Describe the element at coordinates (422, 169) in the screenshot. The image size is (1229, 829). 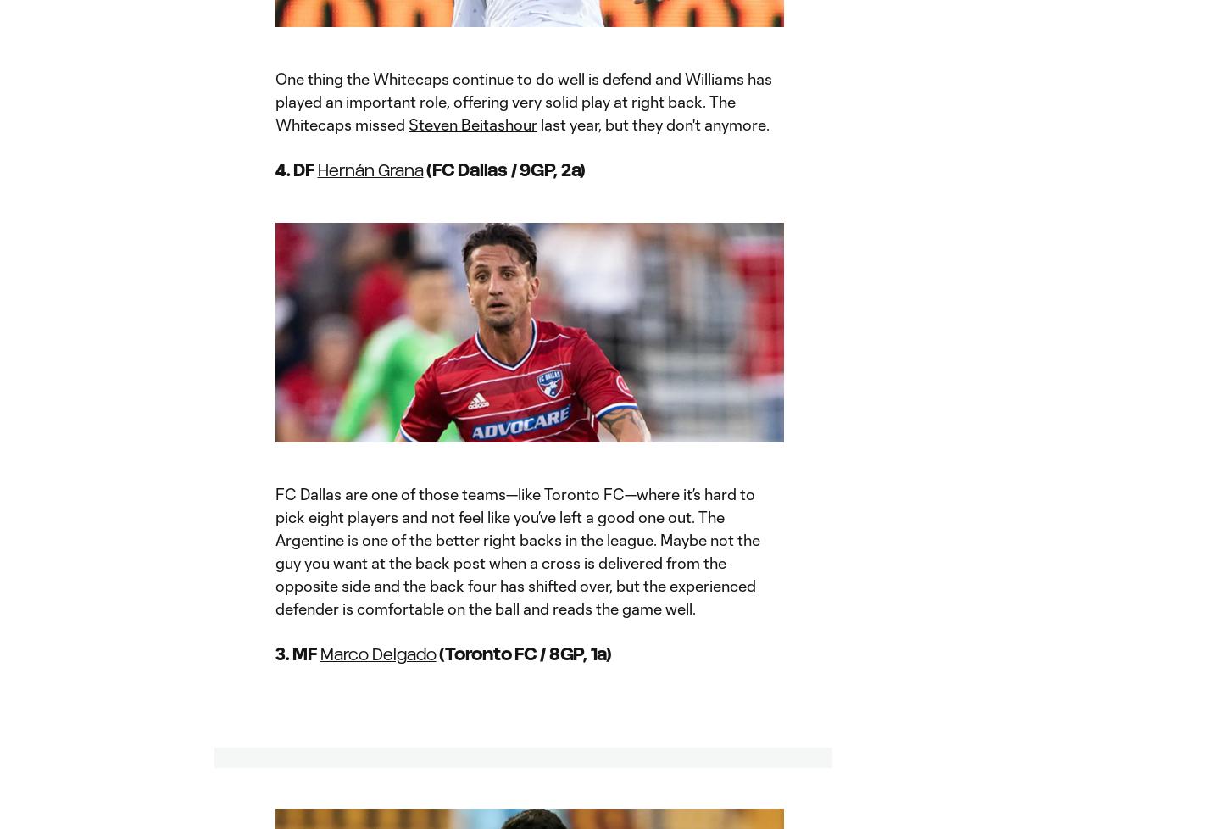
I see `'(FC Dallas / 9GP, 2a)'` at that location.